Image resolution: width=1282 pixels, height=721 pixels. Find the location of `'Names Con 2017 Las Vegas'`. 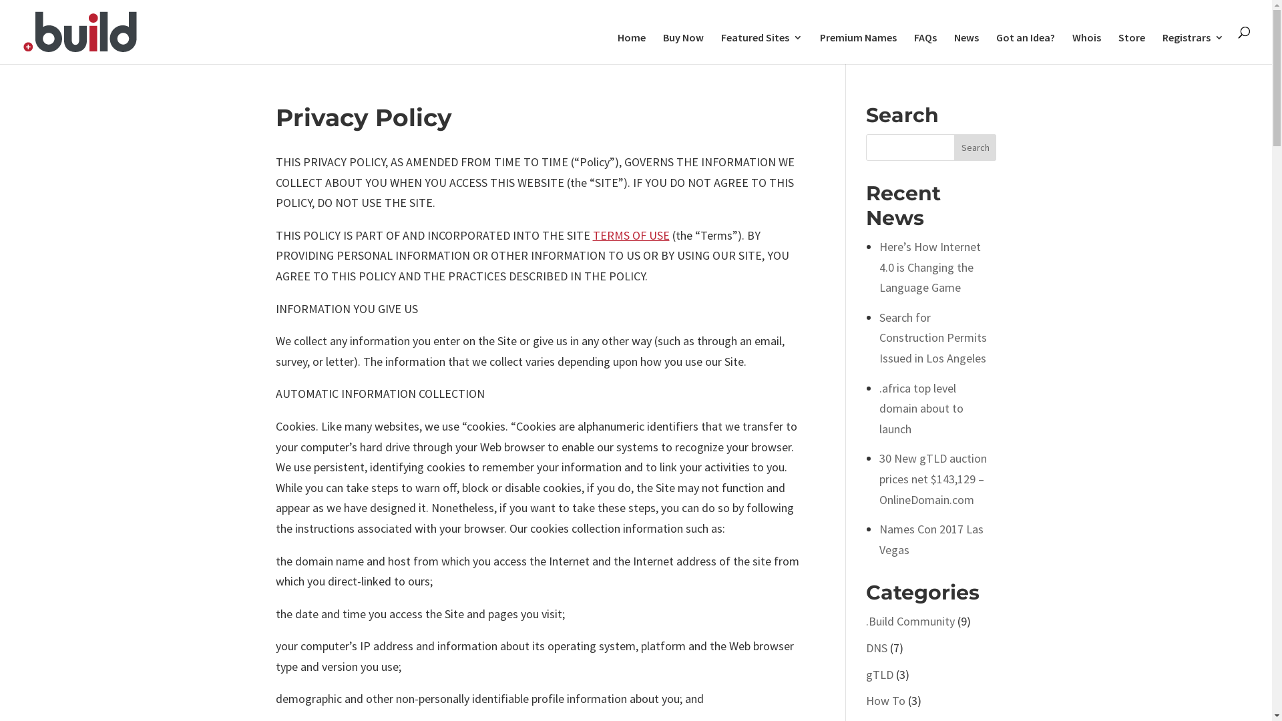

'Names Con 2017 Las Vegas' is located at coordinates (931, 538).